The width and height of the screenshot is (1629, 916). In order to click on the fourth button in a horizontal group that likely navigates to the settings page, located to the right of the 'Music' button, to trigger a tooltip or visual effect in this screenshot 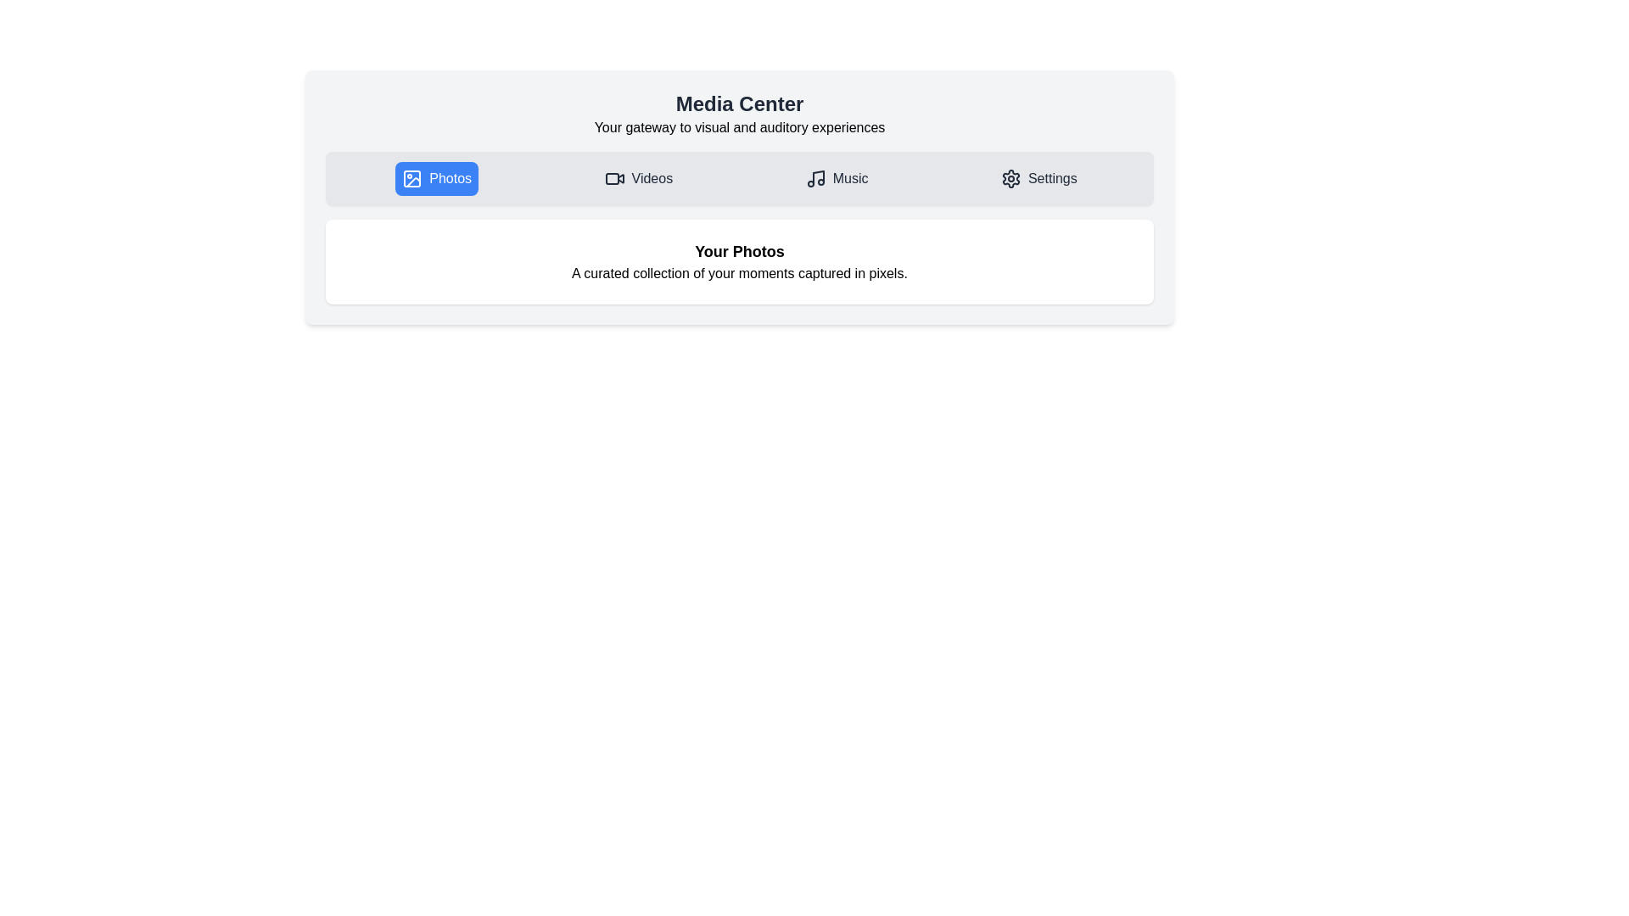, I will do `click(1038, 179)`.